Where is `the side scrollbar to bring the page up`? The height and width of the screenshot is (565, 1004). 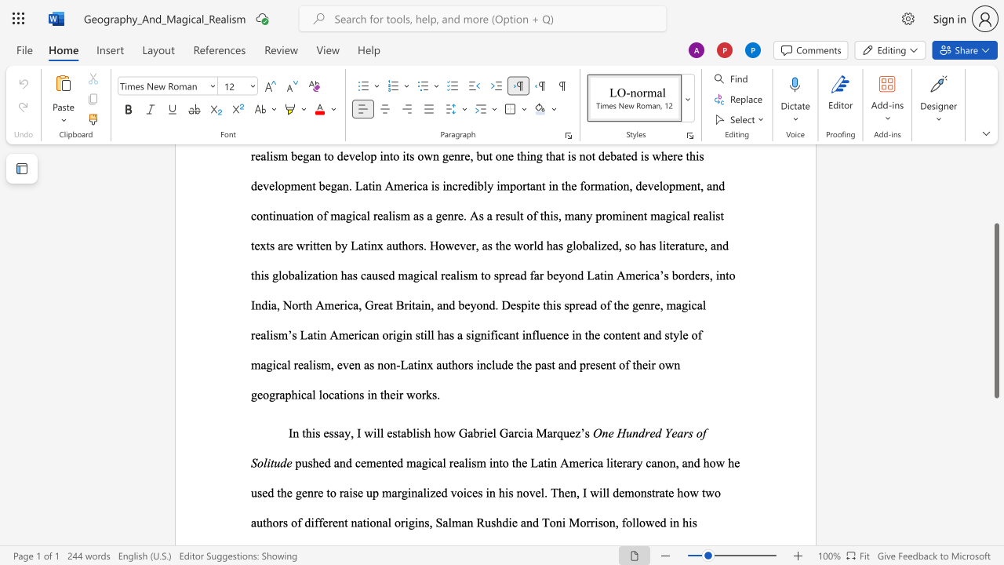 the side scrollbar to bring the page up is located at coordinates (995, 179).